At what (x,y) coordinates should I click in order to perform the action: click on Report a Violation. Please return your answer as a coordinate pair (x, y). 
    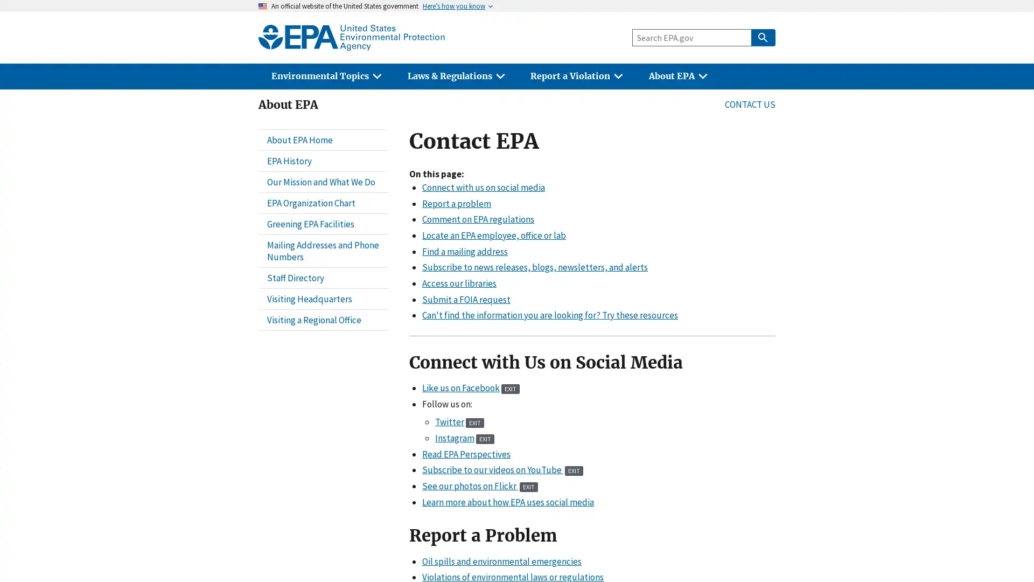
    Looking at the image, I should click on (576, 76).